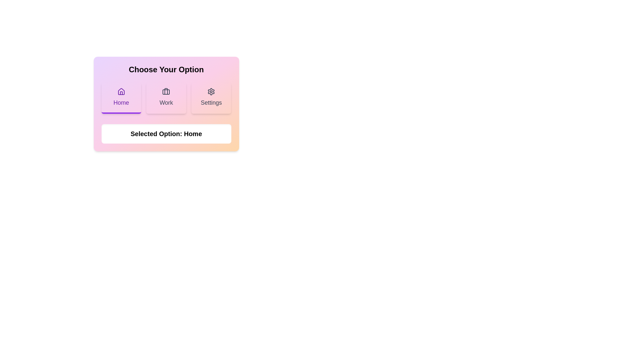 This screenshot has height=350, width=623. I want to click on the gear-shaped icon in the 'Settings' box, so click(211, 91).